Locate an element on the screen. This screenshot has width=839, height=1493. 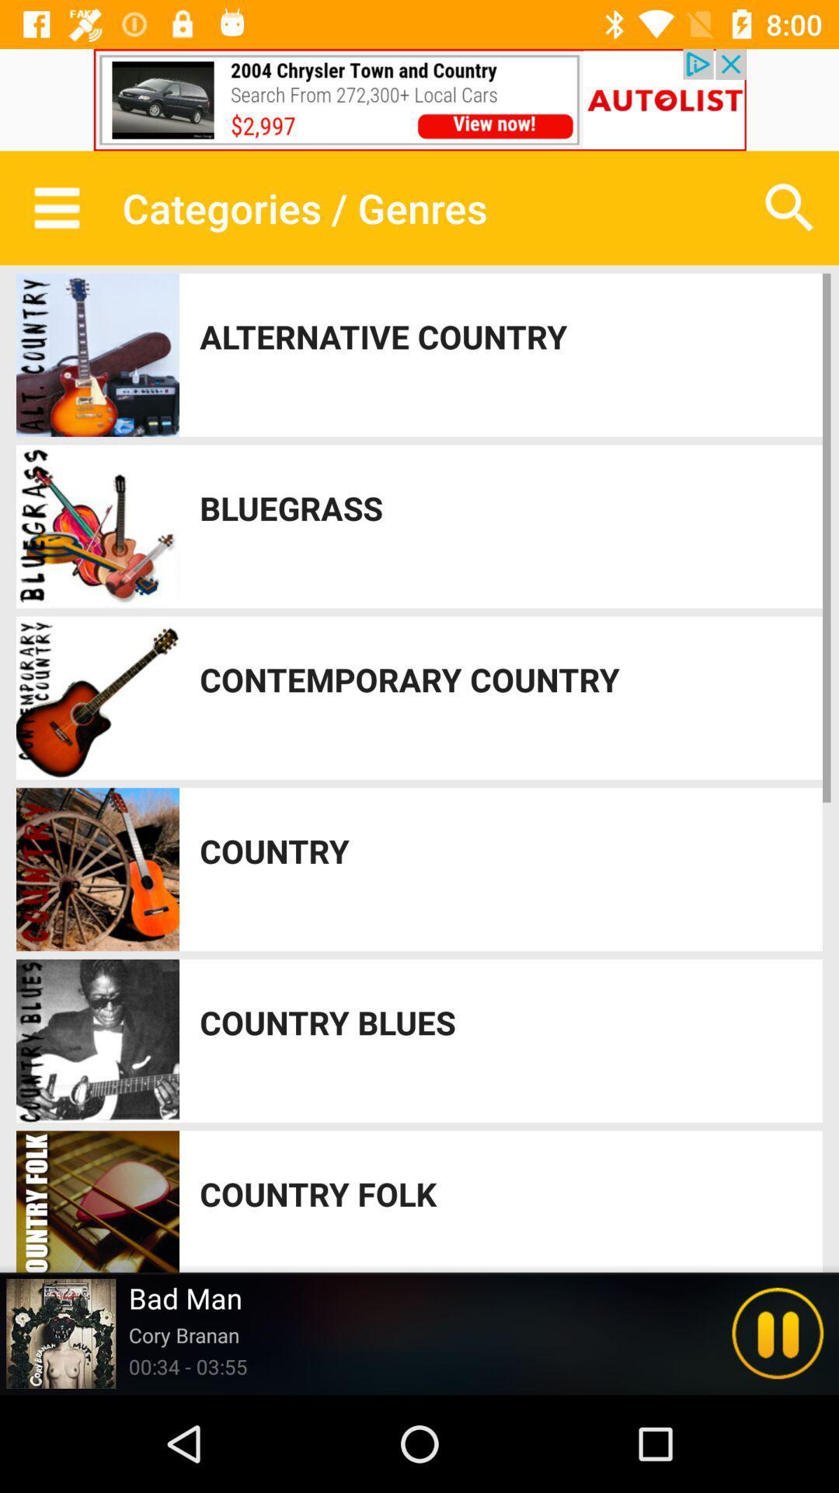
switch pause option is located at coordinates (778, 1333).